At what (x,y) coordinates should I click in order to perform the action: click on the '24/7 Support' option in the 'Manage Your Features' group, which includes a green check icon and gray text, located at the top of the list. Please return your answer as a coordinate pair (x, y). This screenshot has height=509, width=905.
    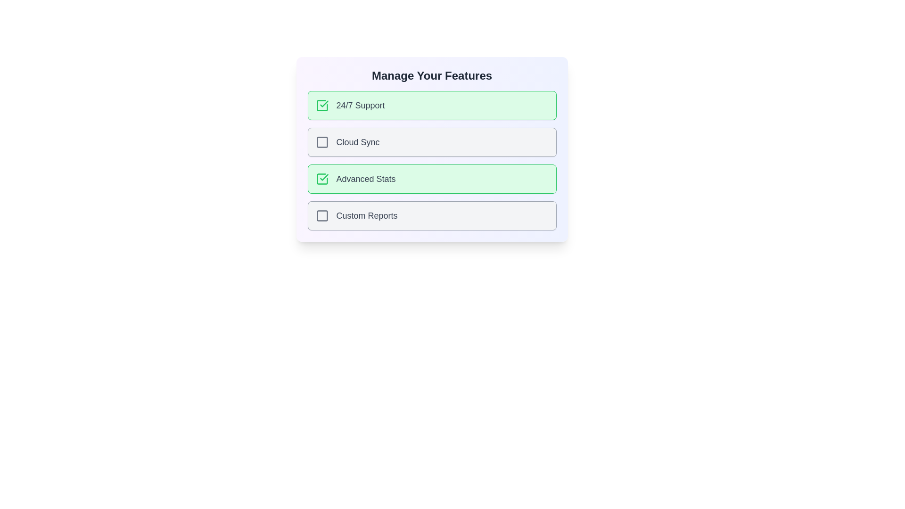
    Looking at the image, I should click on (350, 105).